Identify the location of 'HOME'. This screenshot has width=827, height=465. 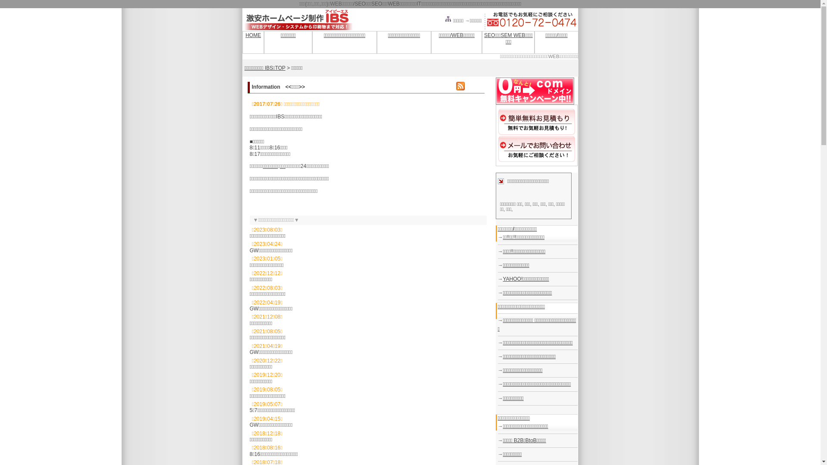
(253, 34).